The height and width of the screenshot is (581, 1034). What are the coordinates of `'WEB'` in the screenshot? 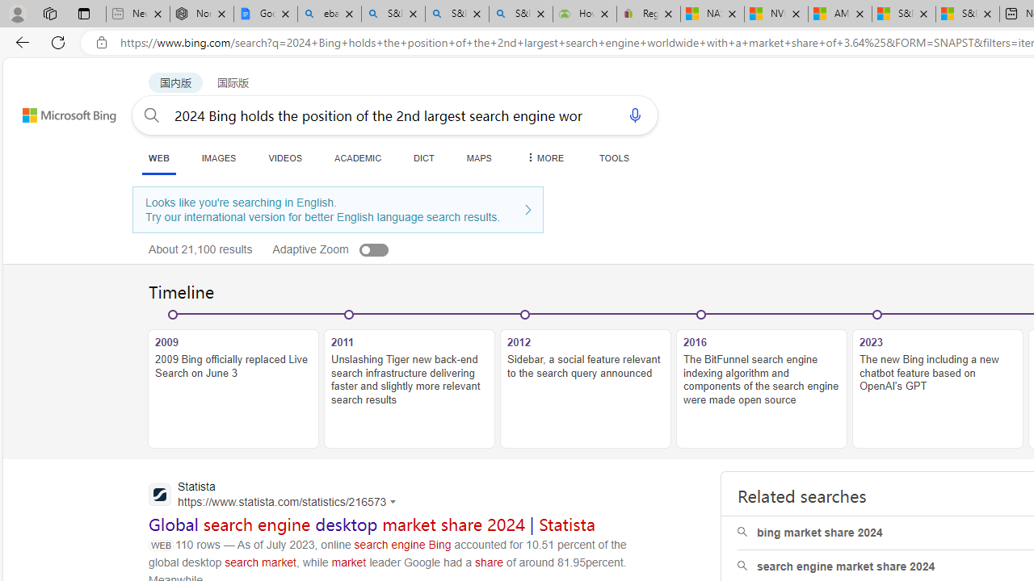 It's located at (159, 157).